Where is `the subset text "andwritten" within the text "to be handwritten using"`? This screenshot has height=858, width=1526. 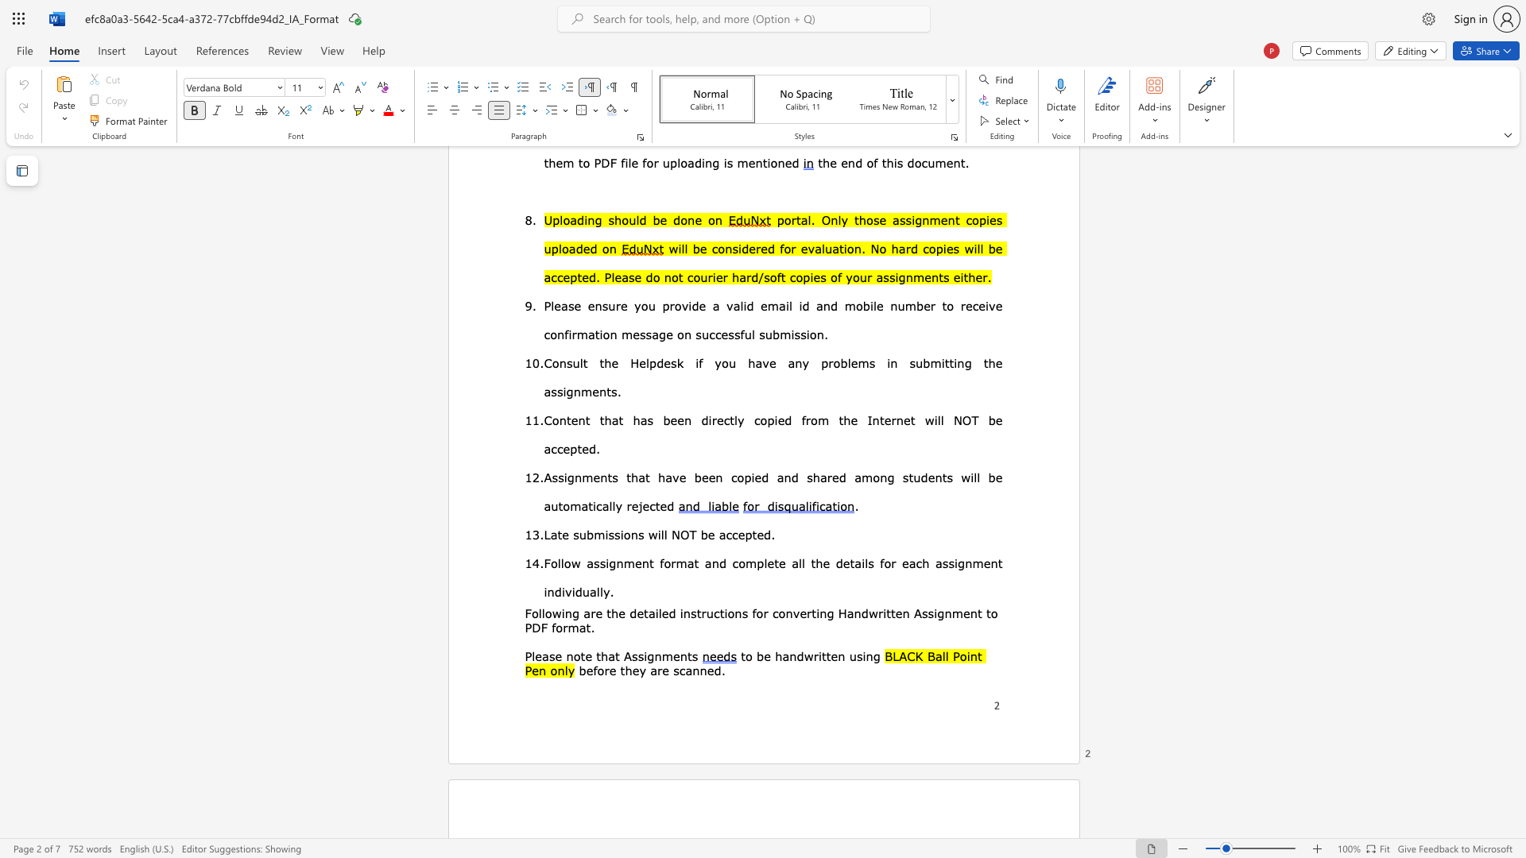
the subset text "andwritten" within the text "to be handwritten using" is located at coordinates (782, 655).